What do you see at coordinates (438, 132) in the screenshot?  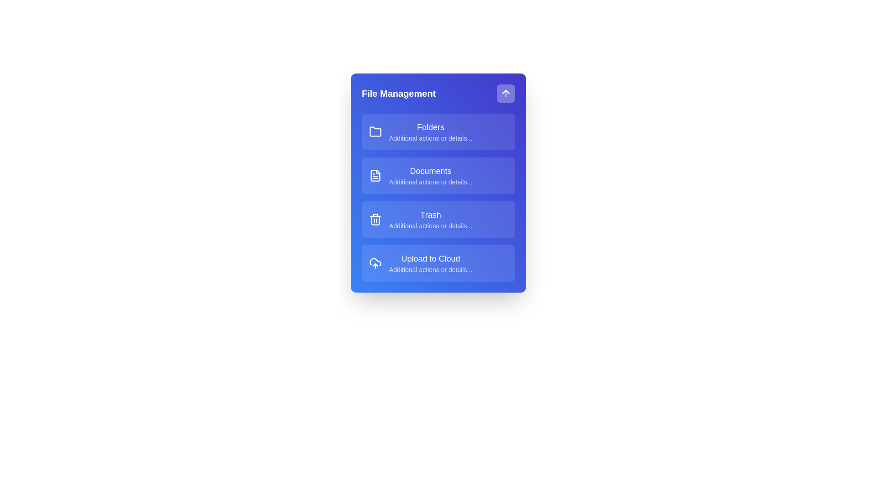 I see `the menu item Folders by clicking on it` at bounding box center [438, 132].